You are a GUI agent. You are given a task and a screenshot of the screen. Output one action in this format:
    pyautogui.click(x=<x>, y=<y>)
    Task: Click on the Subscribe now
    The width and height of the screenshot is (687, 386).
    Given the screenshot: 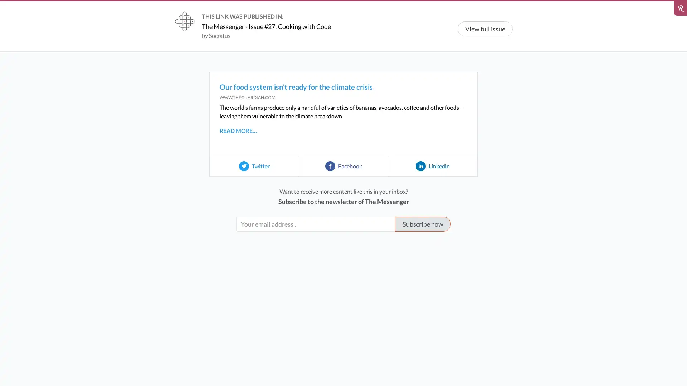 What is the action you would take?
    pyautogui.click(x=423, y=224)
    